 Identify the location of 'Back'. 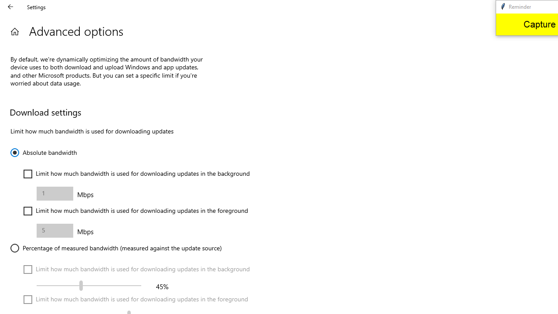
(10, 7).